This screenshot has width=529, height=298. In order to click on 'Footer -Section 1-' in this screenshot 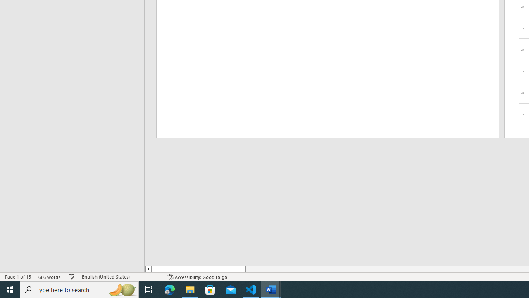, I will do `click(327, 135)`.